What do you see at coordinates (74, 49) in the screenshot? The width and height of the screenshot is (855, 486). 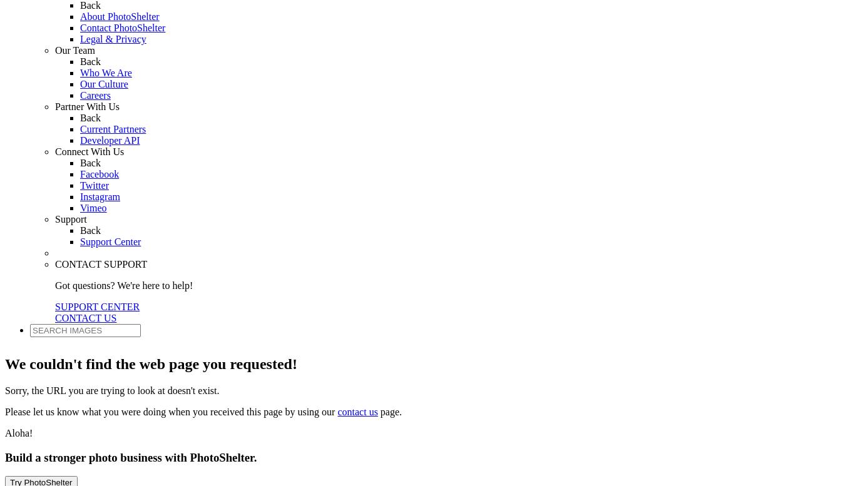 I see `'Our Team'` at bounding box center [74, 49].